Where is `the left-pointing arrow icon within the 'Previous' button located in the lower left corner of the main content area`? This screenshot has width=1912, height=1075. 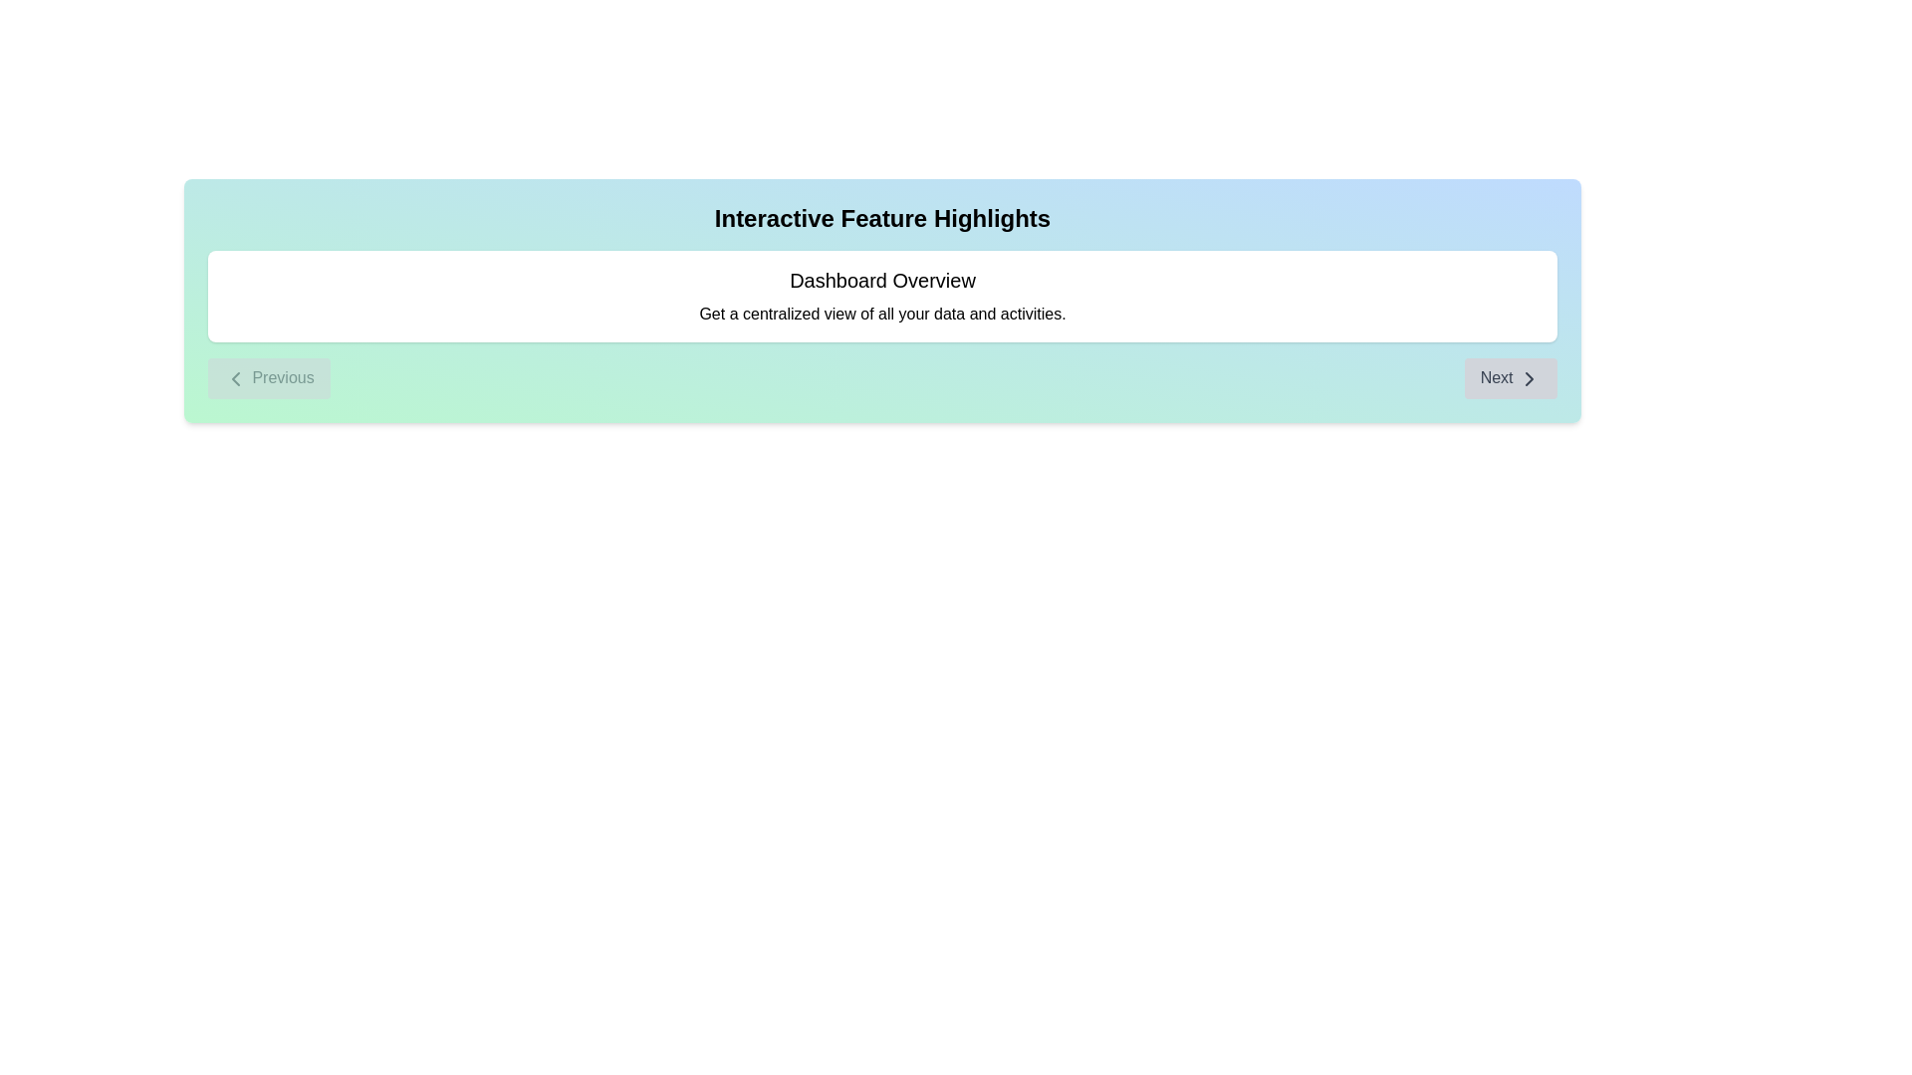 the left-pointing arrow icon within the 'Previous' button located in the lower left corner of the main content area is located at coordinates (235, 378).